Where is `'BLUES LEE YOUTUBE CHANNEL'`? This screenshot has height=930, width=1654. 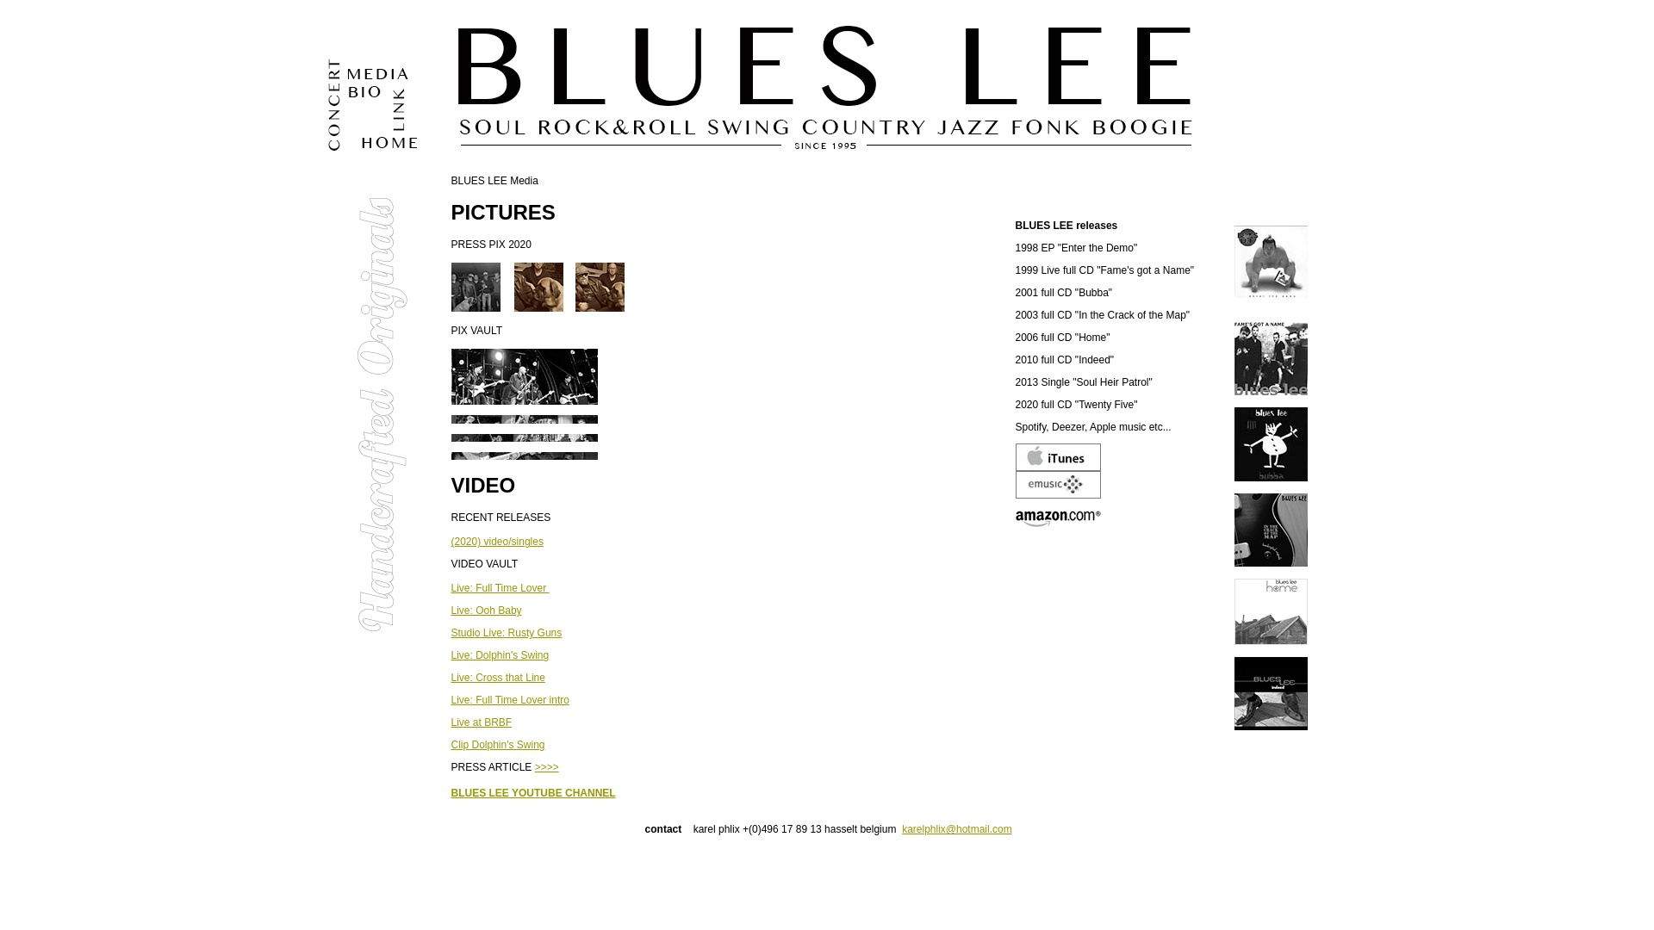
'BLUES LEE YOUTUBE CHANNEL' is located at coordinates (532, 793).